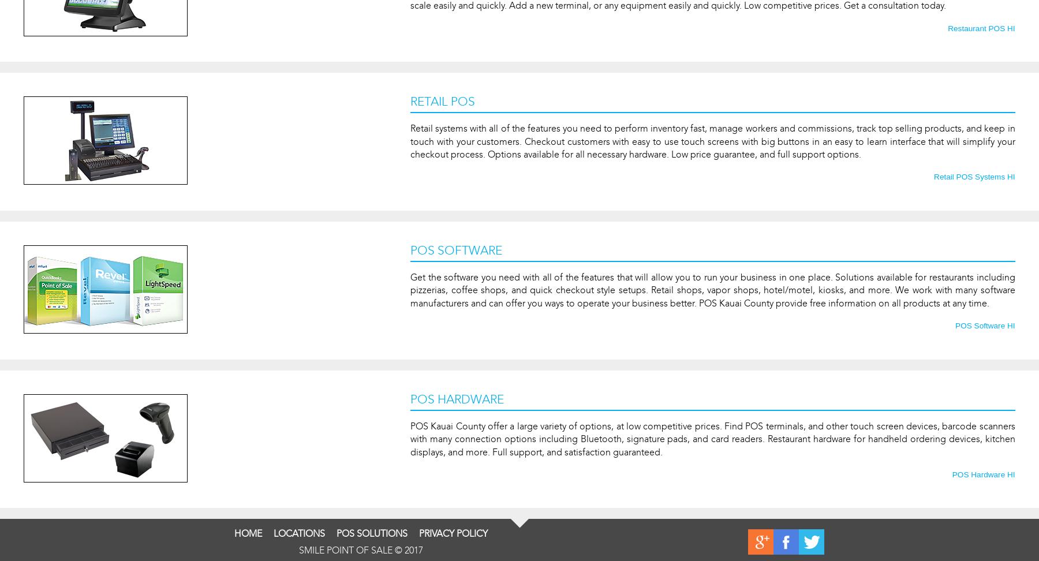  Describe the element at coordinates (712, 439) in the screenshot. I see `'POS Kauai County offer a large variety of options, at low competitive prices. Find POS terminals, and other touch screen devices, barcode scanners with many connection options including Bluetooth, signature pads, and card readers. Restaurant hardware for handheld ordering devices, kitchen displays, and more. Full support, and satisfaction guaranteed.'` at that location.